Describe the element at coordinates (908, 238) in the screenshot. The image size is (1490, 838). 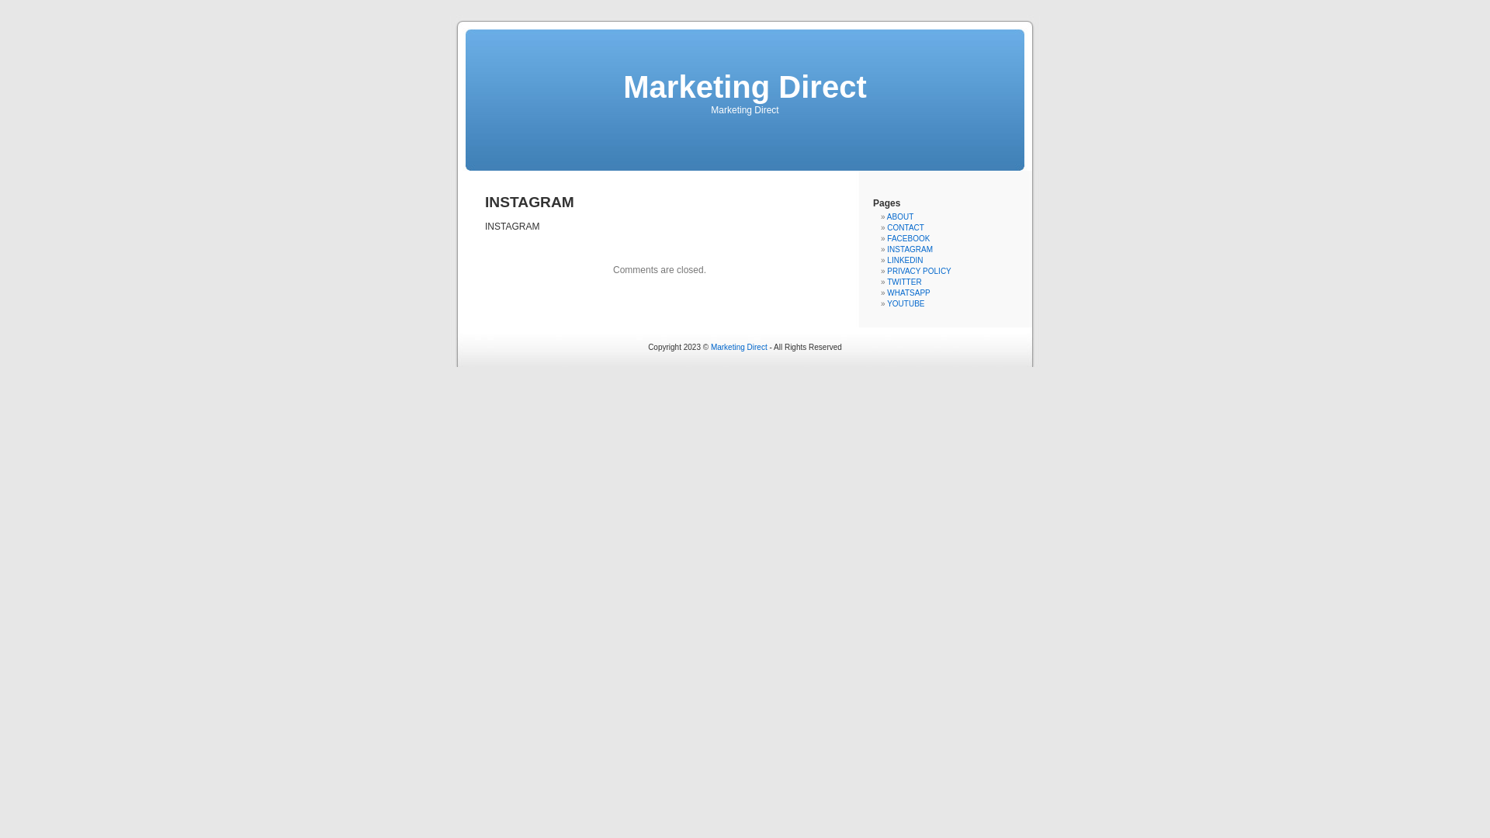
I see `'FACEBOOK'` at that location.